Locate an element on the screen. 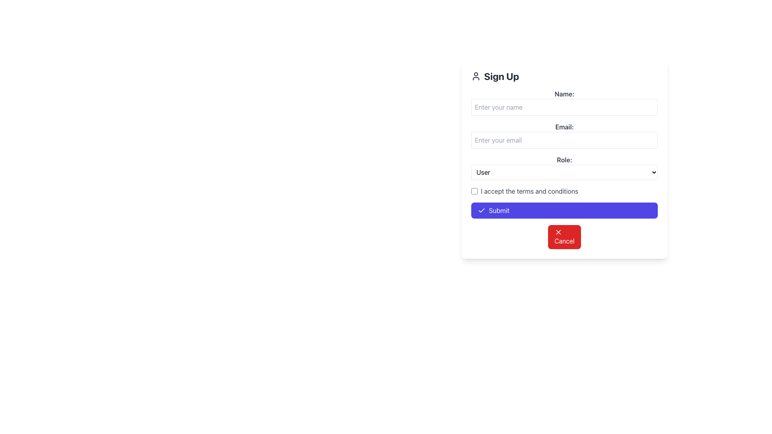 This screenshot has height=434, width=772. the 'User' dropdown menu is located at coordinates (564, 167).